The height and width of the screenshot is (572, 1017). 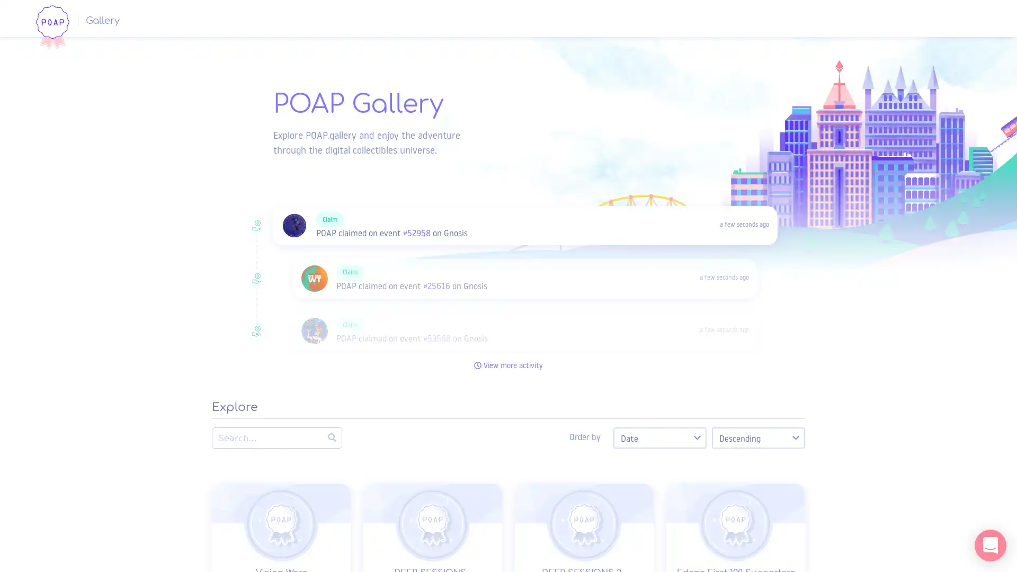 I want to click on Open Intercom Messenger, so click(x=990, y=545).